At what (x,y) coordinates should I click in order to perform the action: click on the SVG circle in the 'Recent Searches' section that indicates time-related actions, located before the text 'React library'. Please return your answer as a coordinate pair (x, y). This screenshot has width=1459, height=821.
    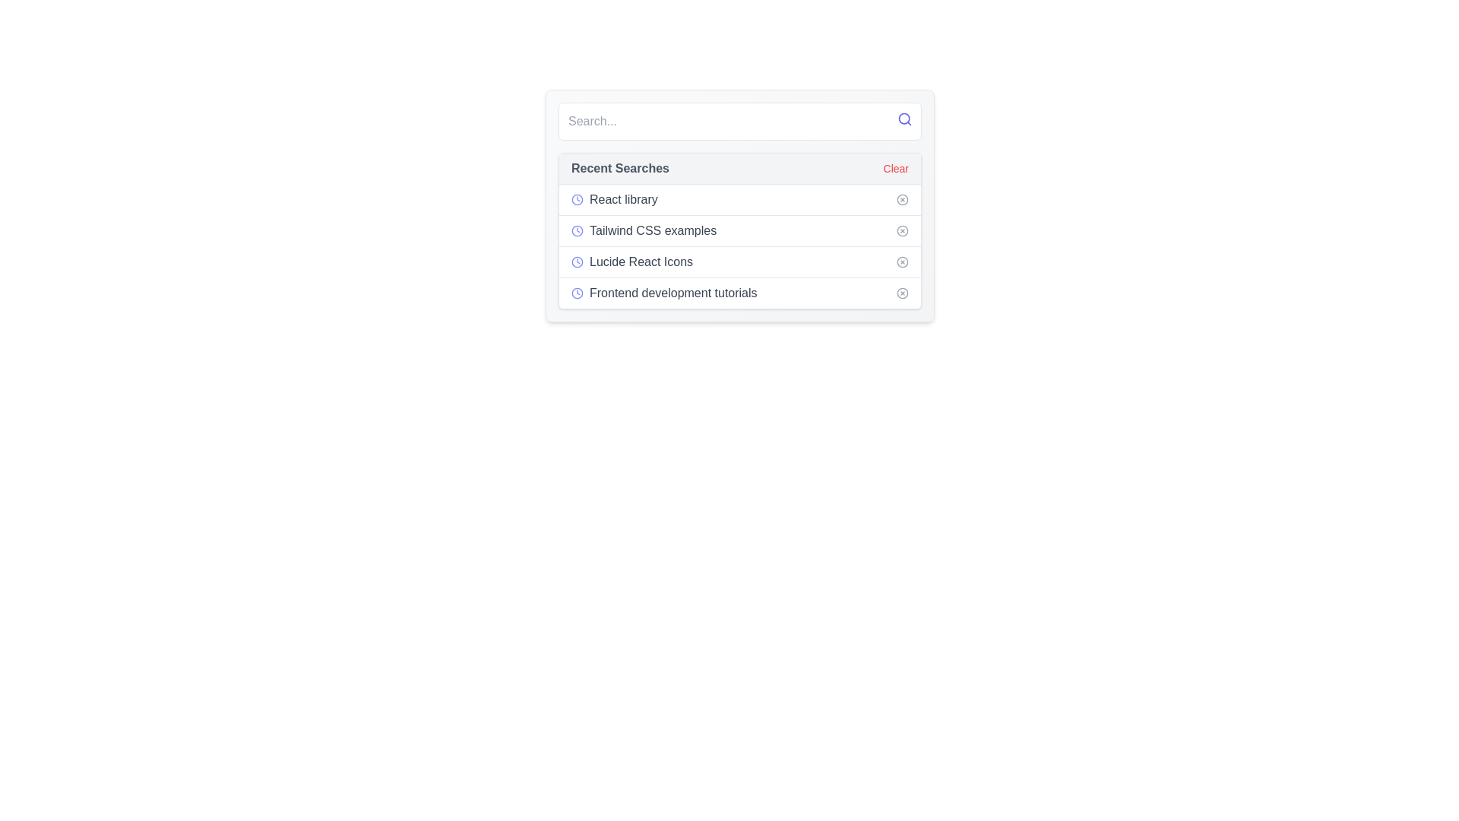
    Looking at the image, I should click on (576, 198).